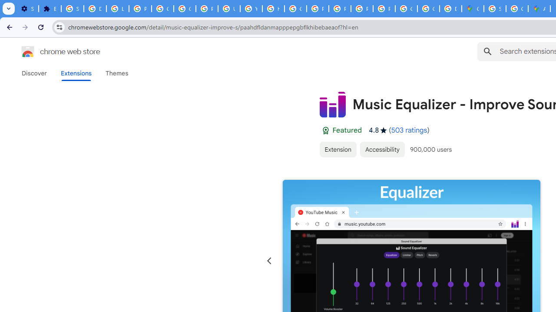 Image resolution: width=556 pixels, height=312 pixels. Describe the element at coordinates (116, 73) in the screenshot. I see `'Themes'` at that location.